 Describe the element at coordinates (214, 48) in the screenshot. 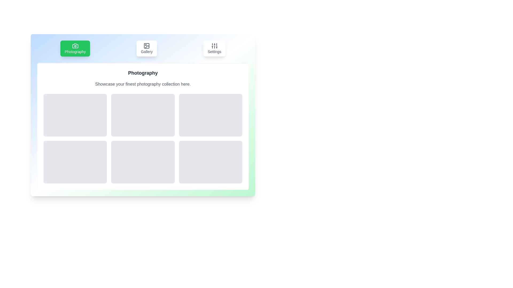

I see `the Settings tab to view its content` at that location.